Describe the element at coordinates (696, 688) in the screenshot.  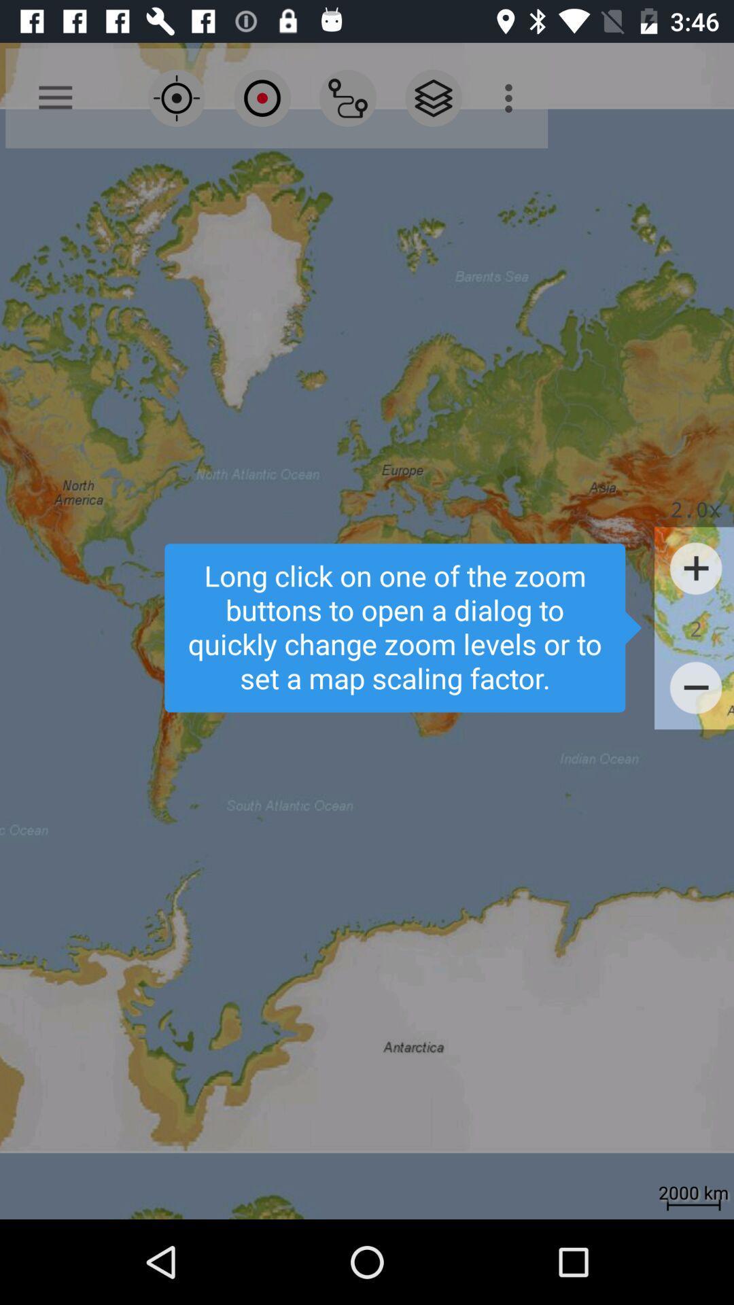
I see `item below 2 item` at that location.